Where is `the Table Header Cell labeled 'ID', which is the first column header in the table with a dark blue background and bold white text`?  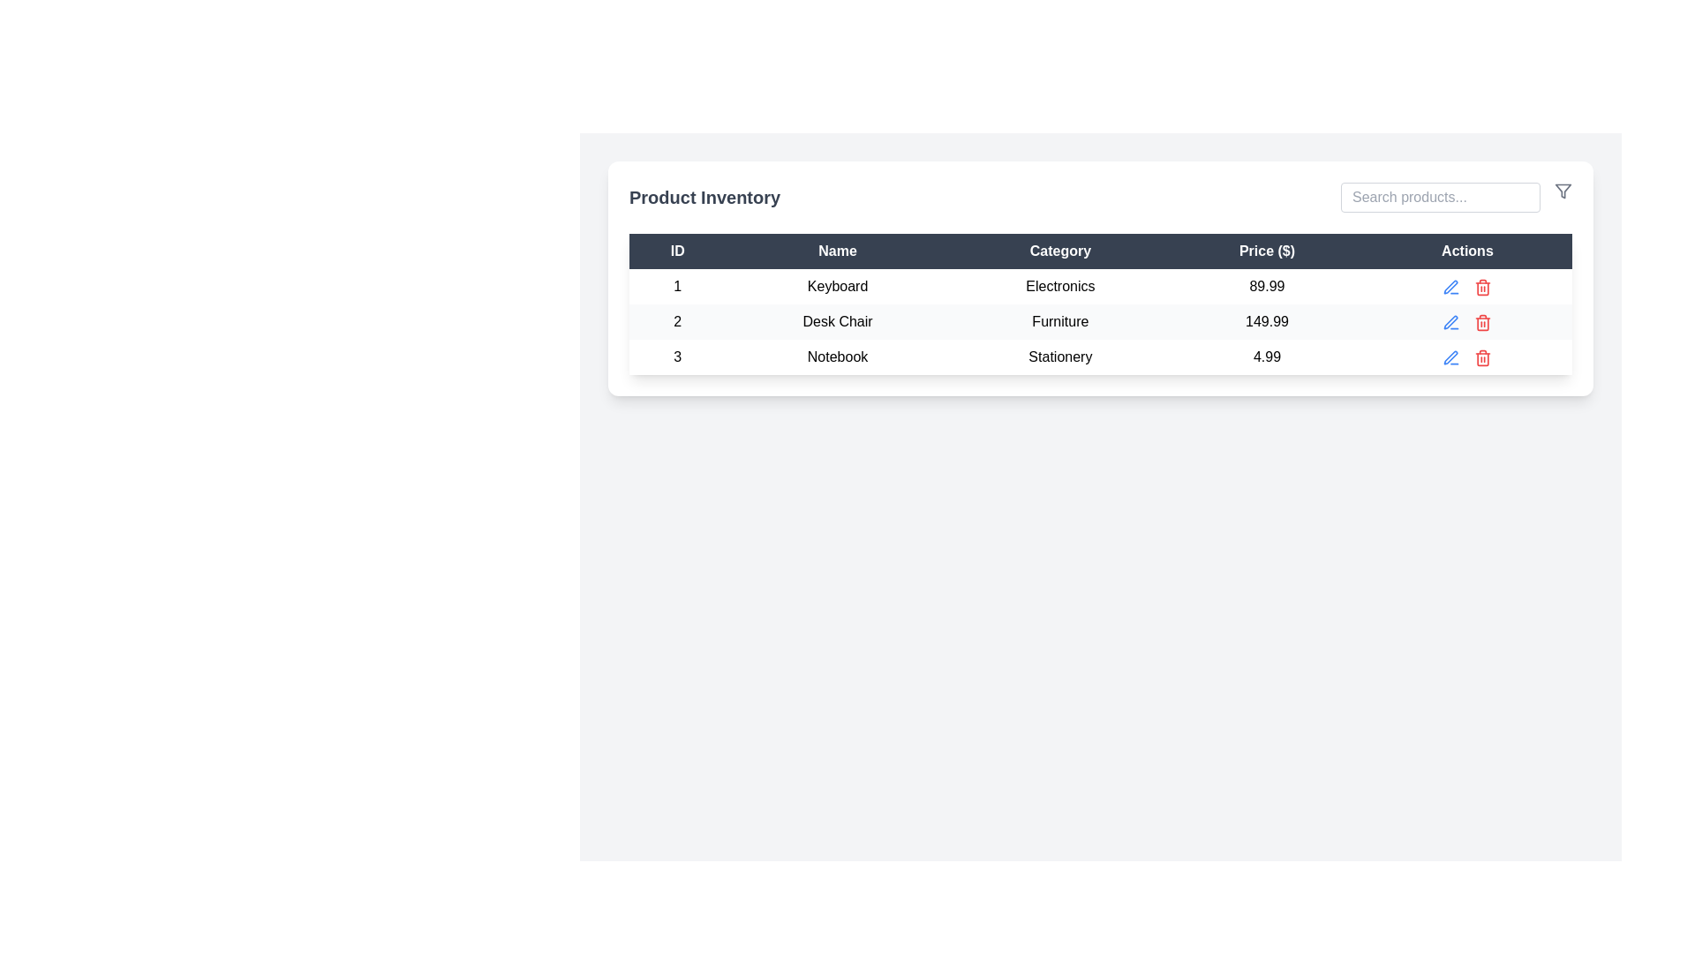 the Table Header Cell labeled 'ID', which is the first column header in the table with a dark blue background and bold white text is located at coordinates (676, 251).